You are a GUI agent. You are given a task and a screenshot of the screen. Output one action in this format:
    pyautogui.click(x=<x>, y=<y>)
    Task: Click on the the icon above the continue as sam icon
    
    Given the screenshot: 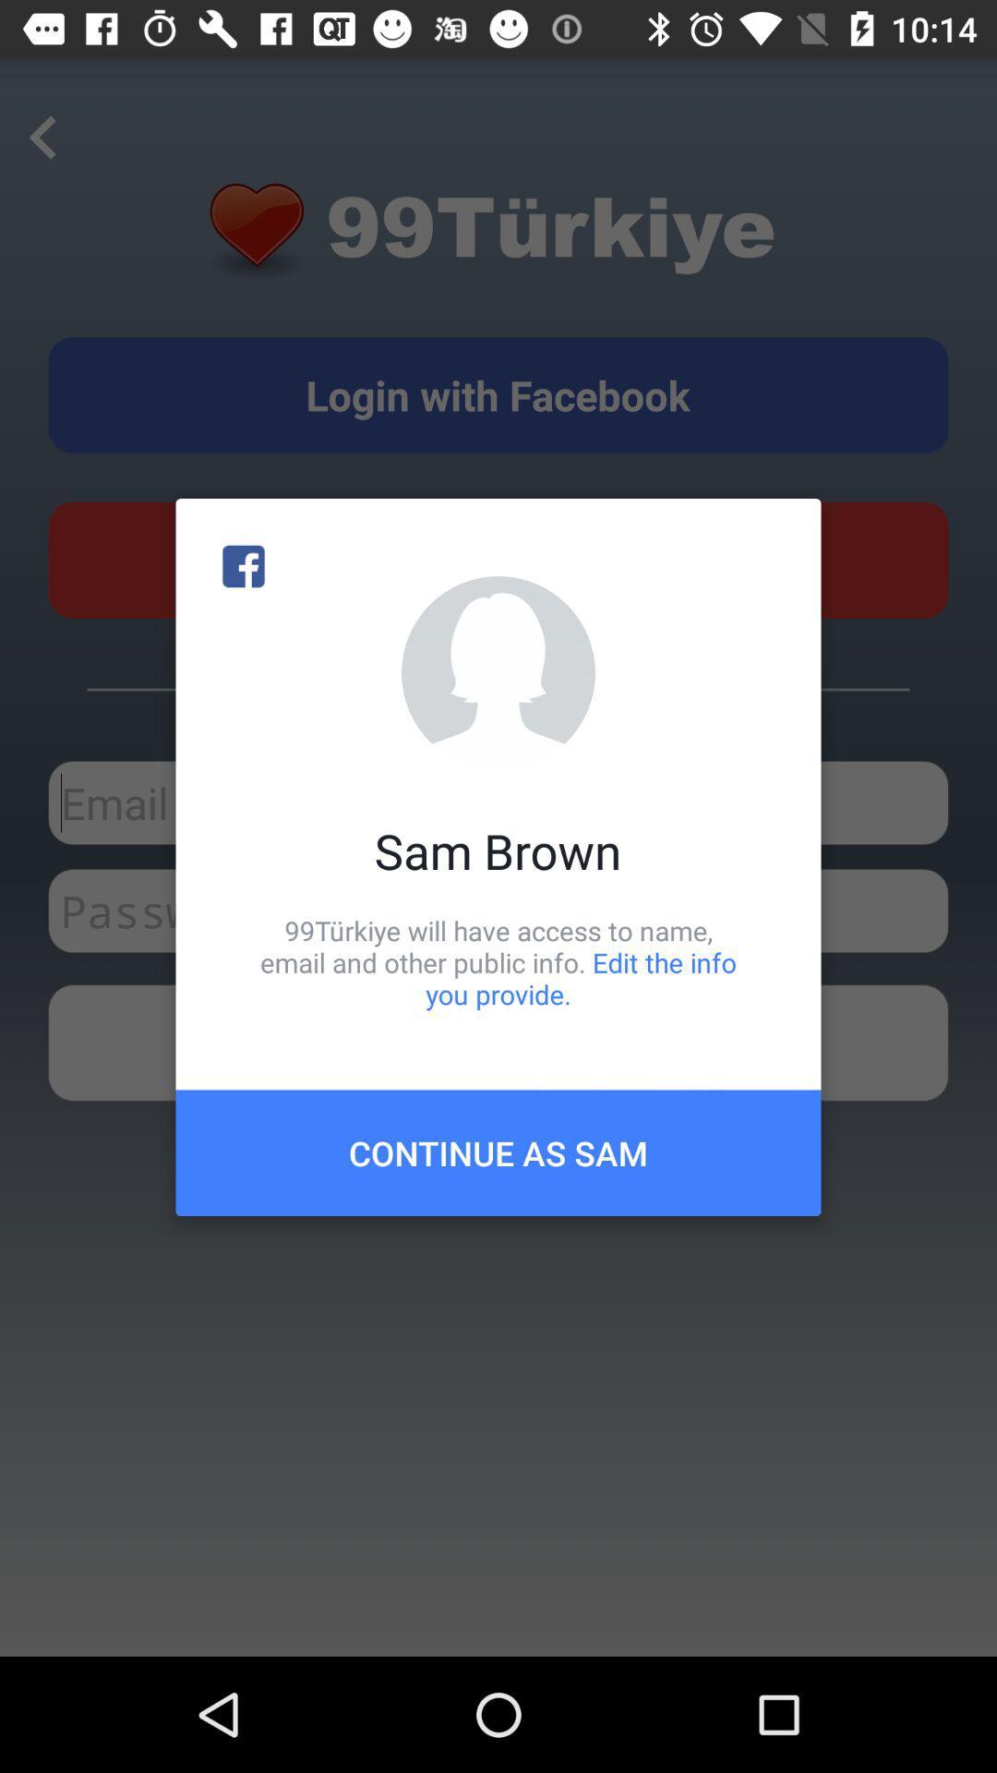 What is the action you would take?
    pyautogui.click(x=498, y=961)
    